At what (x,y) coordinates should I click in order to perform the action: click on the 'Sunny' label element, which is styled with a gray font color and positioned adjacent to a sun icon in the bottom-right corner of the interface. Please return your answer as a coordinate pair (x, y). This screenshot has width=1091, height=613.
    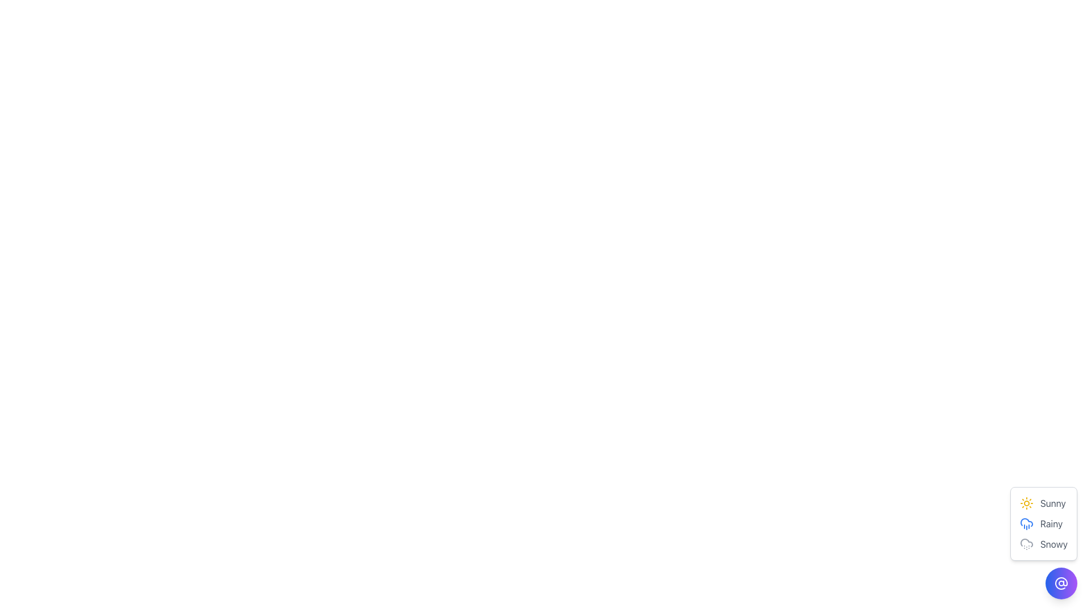
    Looking at the image, I should click on (1052, 503).